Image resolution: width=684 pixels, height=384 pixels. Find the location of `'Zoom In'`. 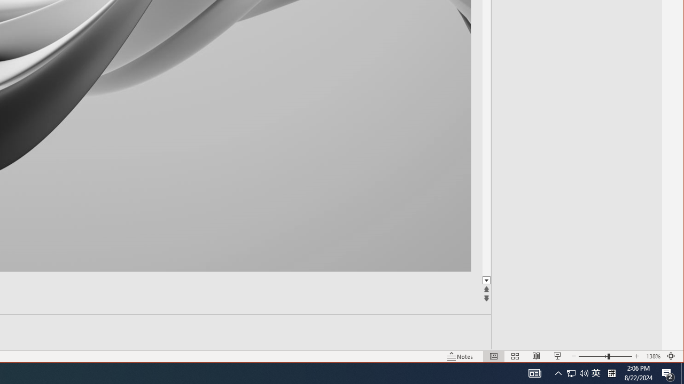

'Zoom In' is located at coordinates (636, 356).